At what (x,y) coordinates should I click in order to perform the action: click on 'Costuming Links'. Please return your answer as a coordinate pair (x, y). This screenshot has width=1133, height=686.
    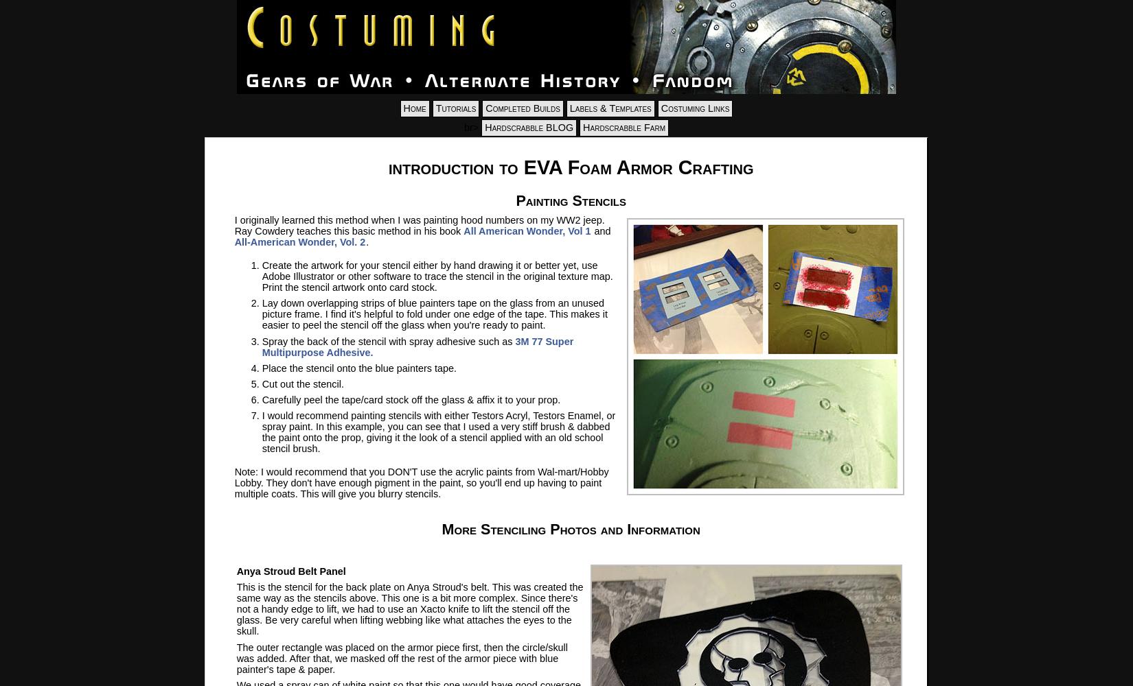
    Looking at the image, I should click on (694, 108).